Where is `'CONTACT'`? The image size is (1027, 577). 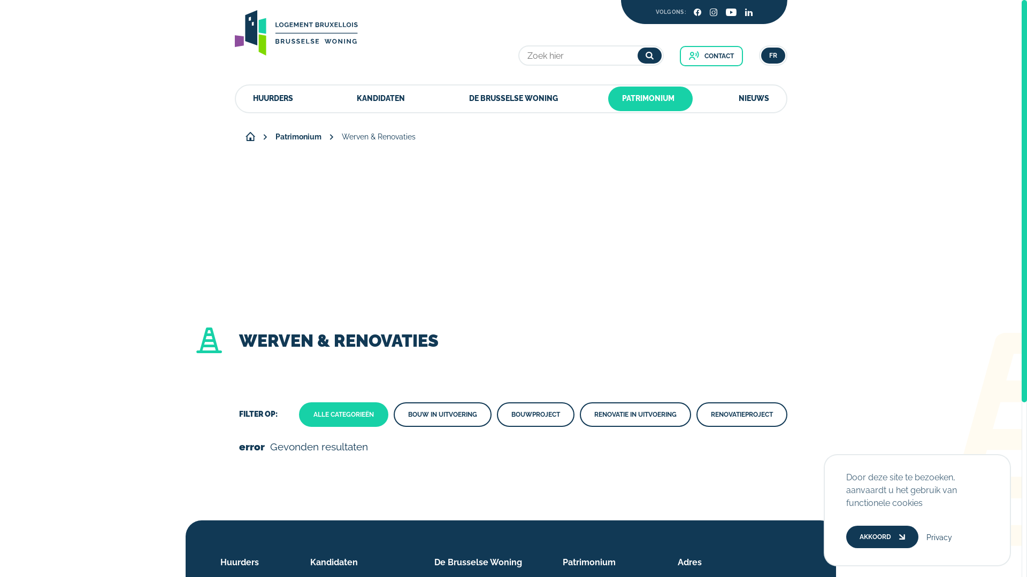 'CONTACT' is located at coordinates (679, 56).